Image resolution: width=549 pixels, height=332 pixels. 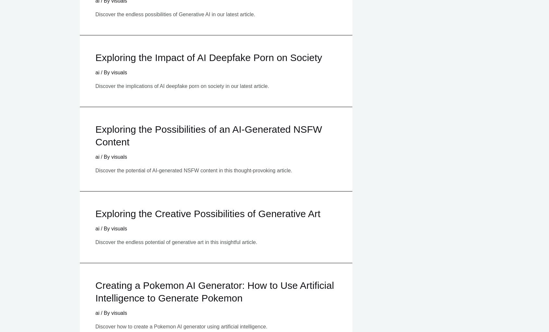 What do you see at coordinates (95, 326) in the screenshot?
I see `'Discover how to create a Pokemon AI generator using artificial intelligence.'` at bounding box center [95, 326].